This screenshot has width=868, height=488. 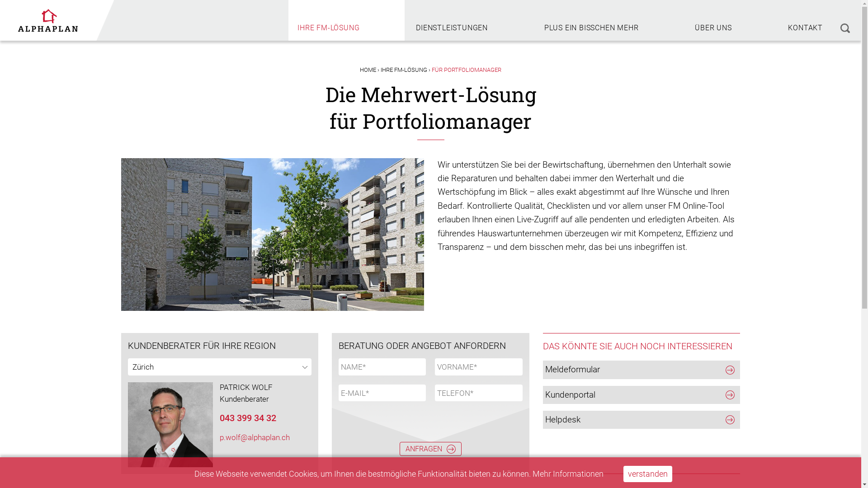 I want to click on 'p.wolf@alphaplan.ch', so click(x=254, y=437).